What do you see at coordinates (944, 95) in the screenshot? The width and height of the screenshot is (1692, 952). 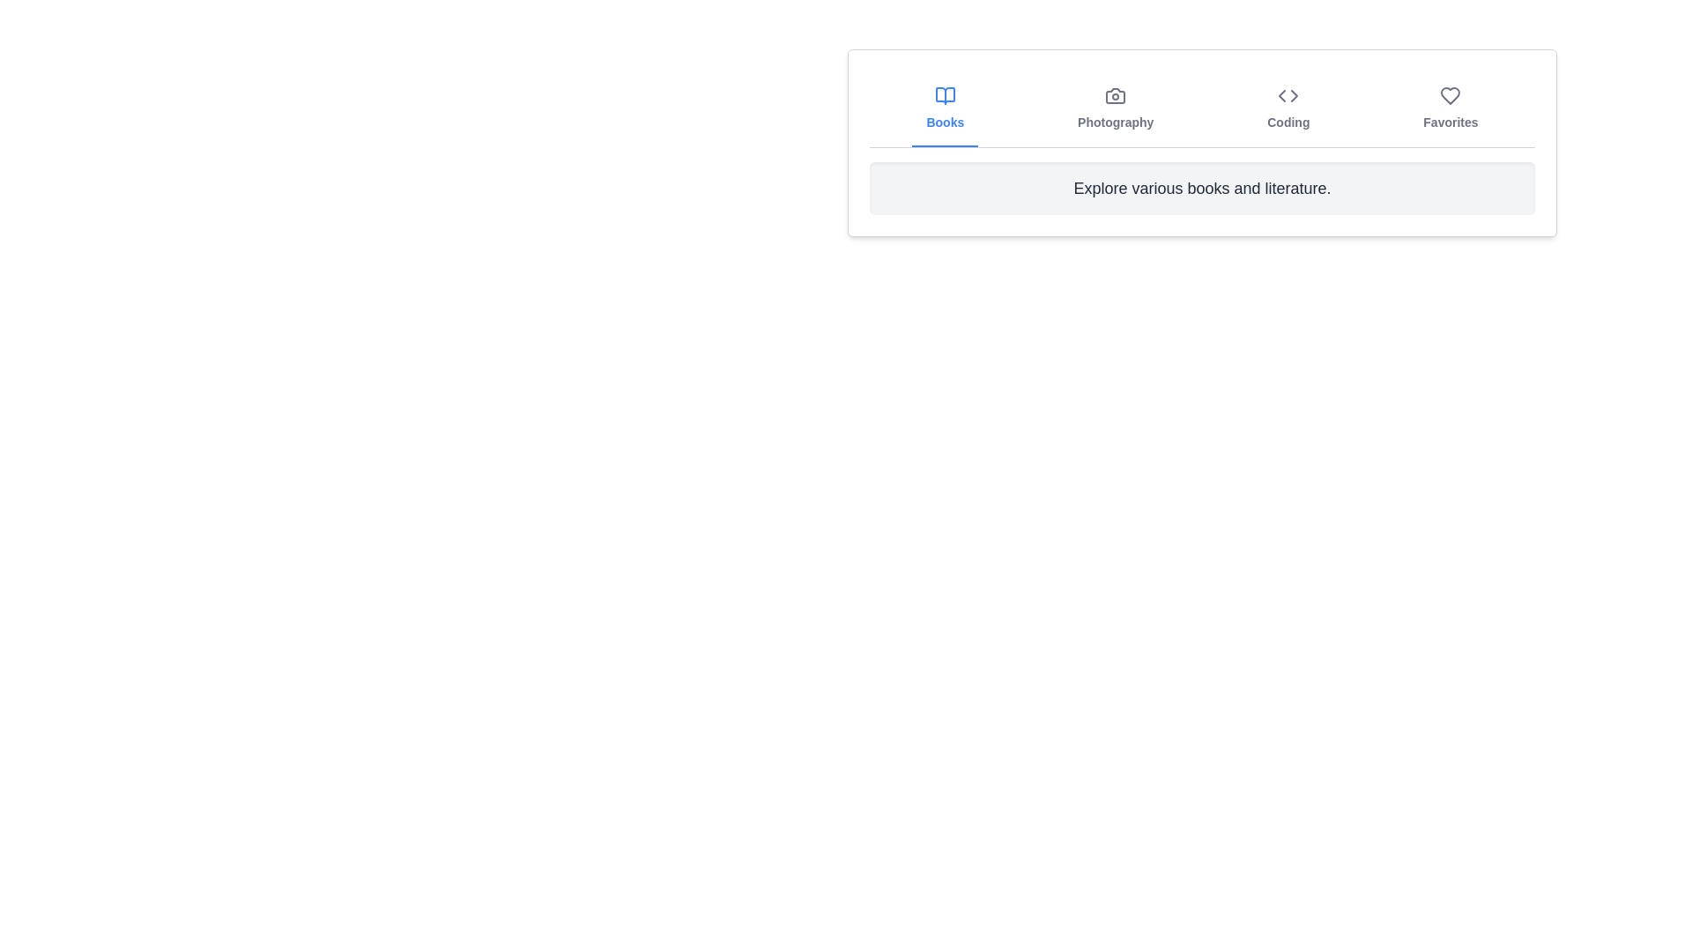 I see `the open book icon in the navigation section labeled 'Books'` at bounding box center [944, 95].